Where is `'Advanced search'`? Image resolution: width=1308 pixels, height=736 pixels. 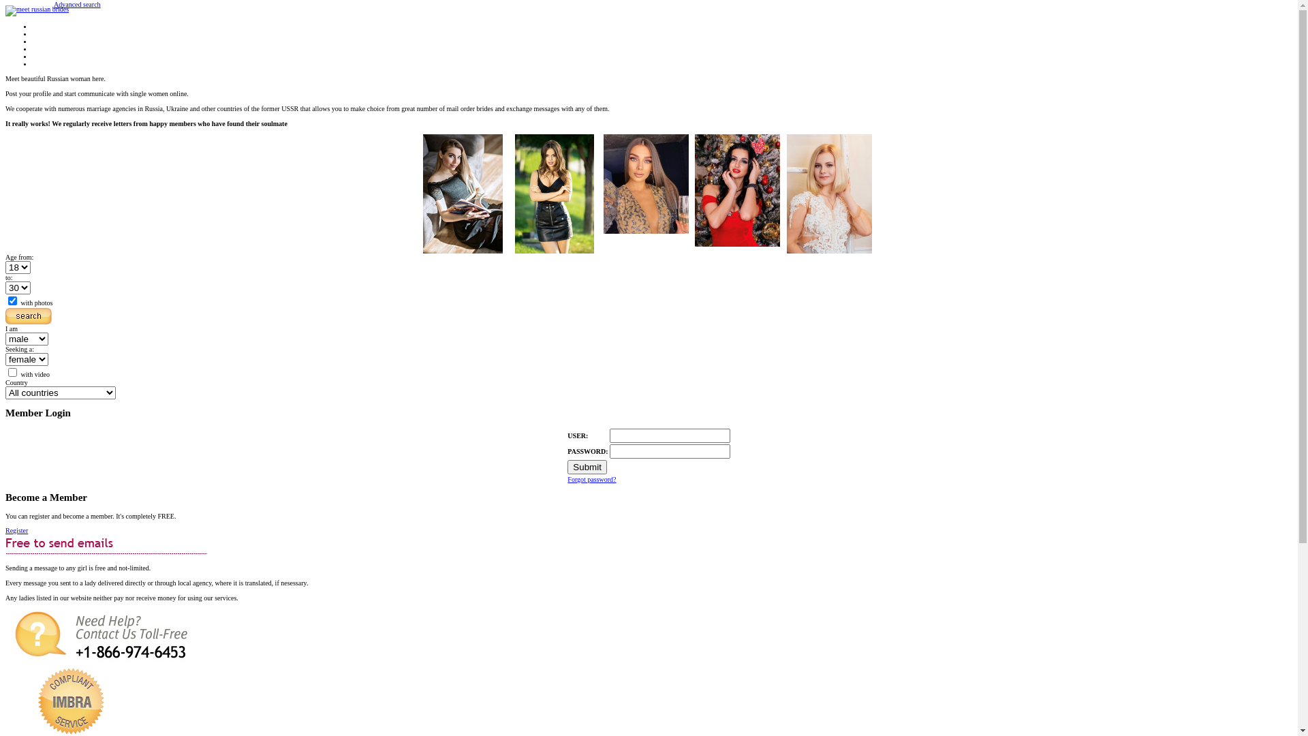
'Advanced search' is located at coordinates (76, 4).